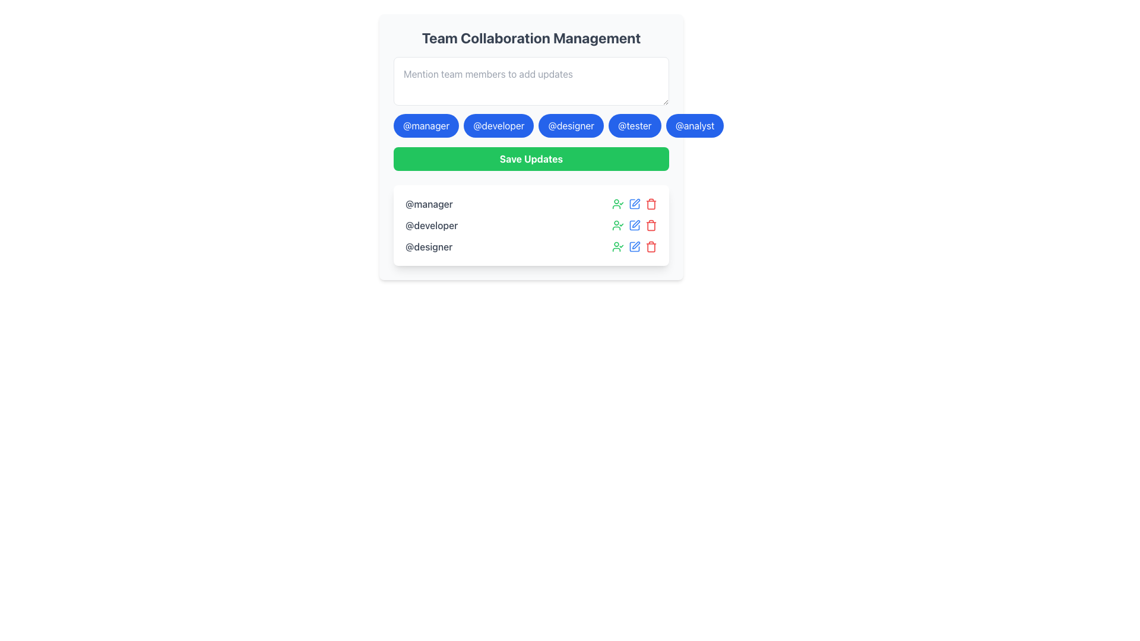 The height and width of the screenshot is (641, 1140). I want to click on the blue-colored edit icon resembling a pen located to the right of the text '@developer' in the second row of the list, so click(634, 203).